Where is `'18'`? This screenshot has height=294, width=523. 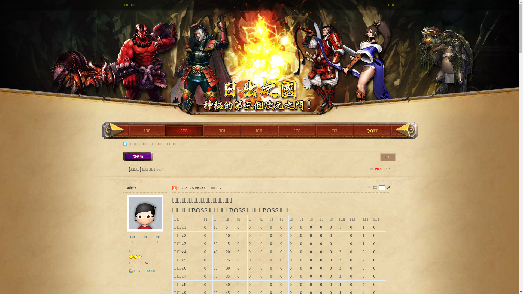 '18' is located at coordinates (143, 237).